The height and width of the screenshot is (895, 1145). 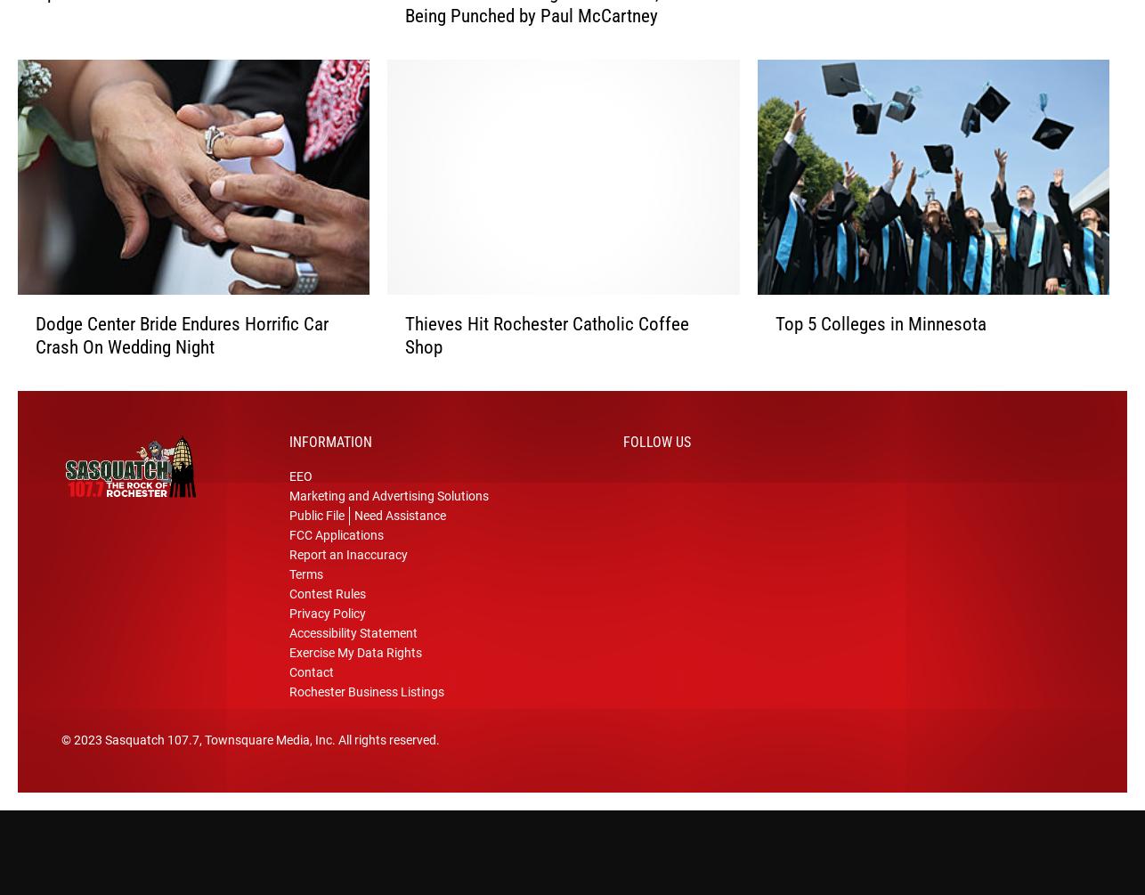 I want to click on '. All rights reserved.', so click(x=385, y=746).